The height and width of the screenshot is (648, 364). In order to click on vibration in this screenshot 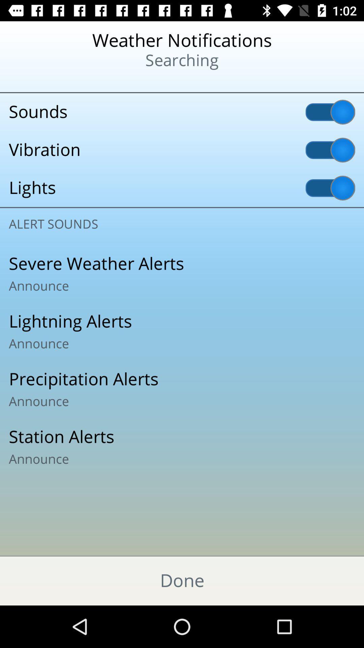, I will do `click(182, 150)`.